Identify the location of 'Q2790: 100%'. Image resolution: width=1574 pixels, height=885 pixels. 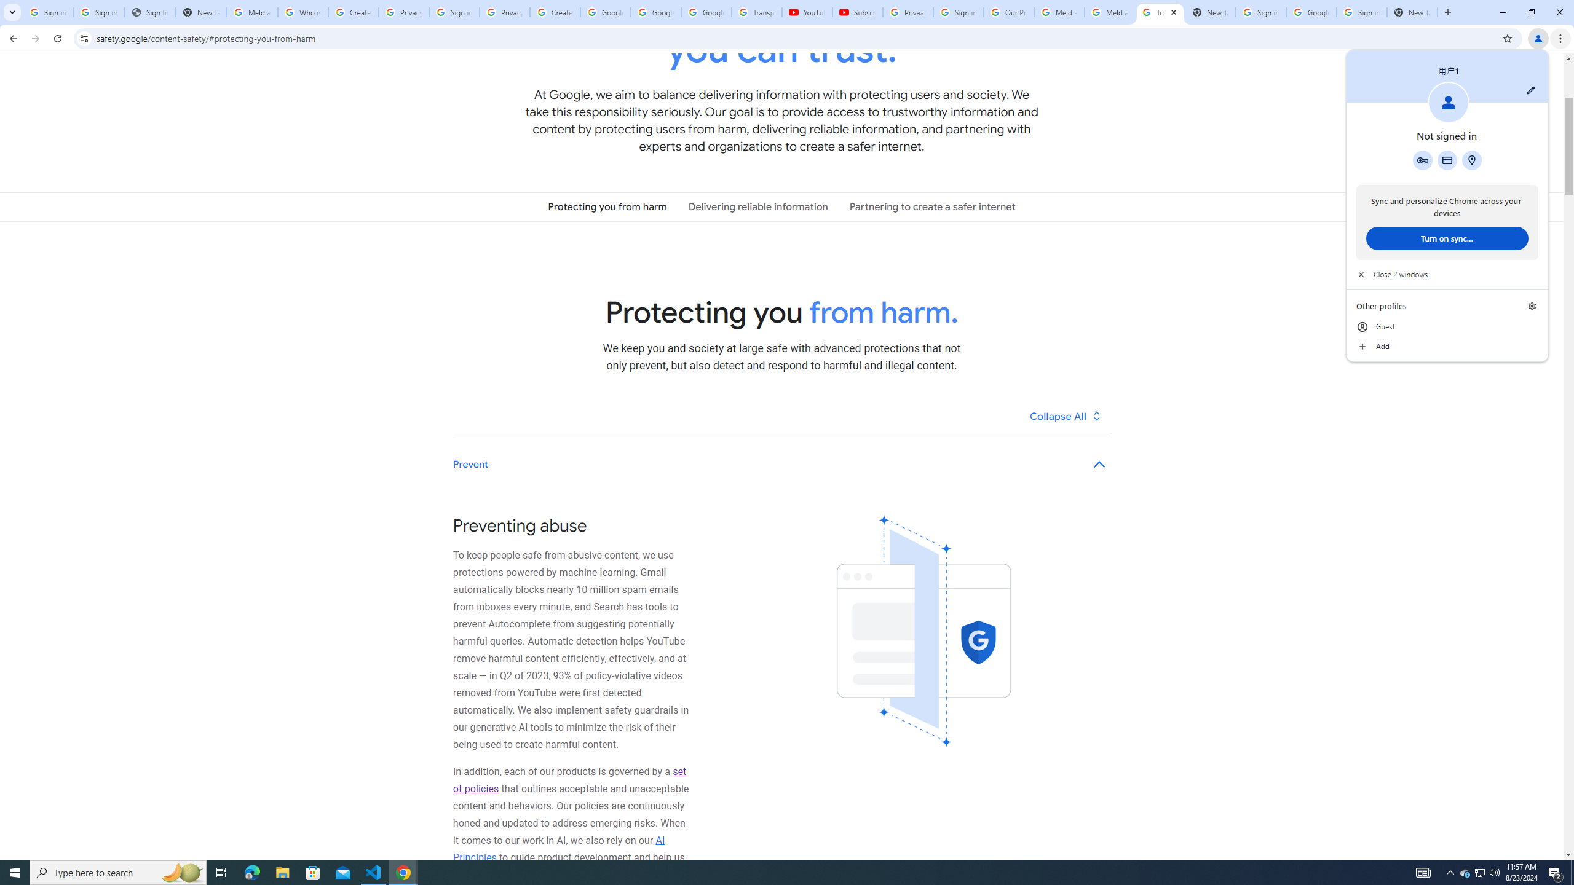
(1493, 871).